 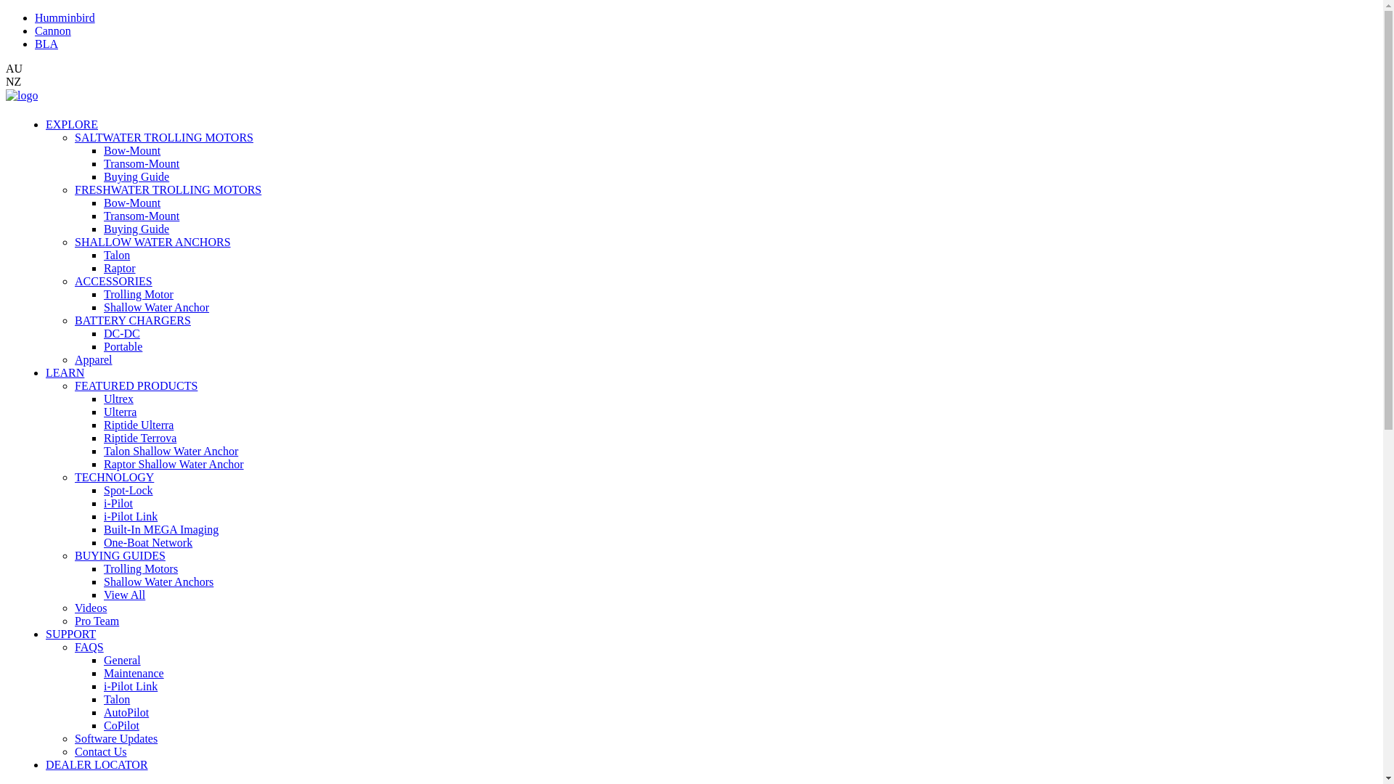 I want to click on 'SHALLOW WATER ANCHORS', so click(x=152, y=241).